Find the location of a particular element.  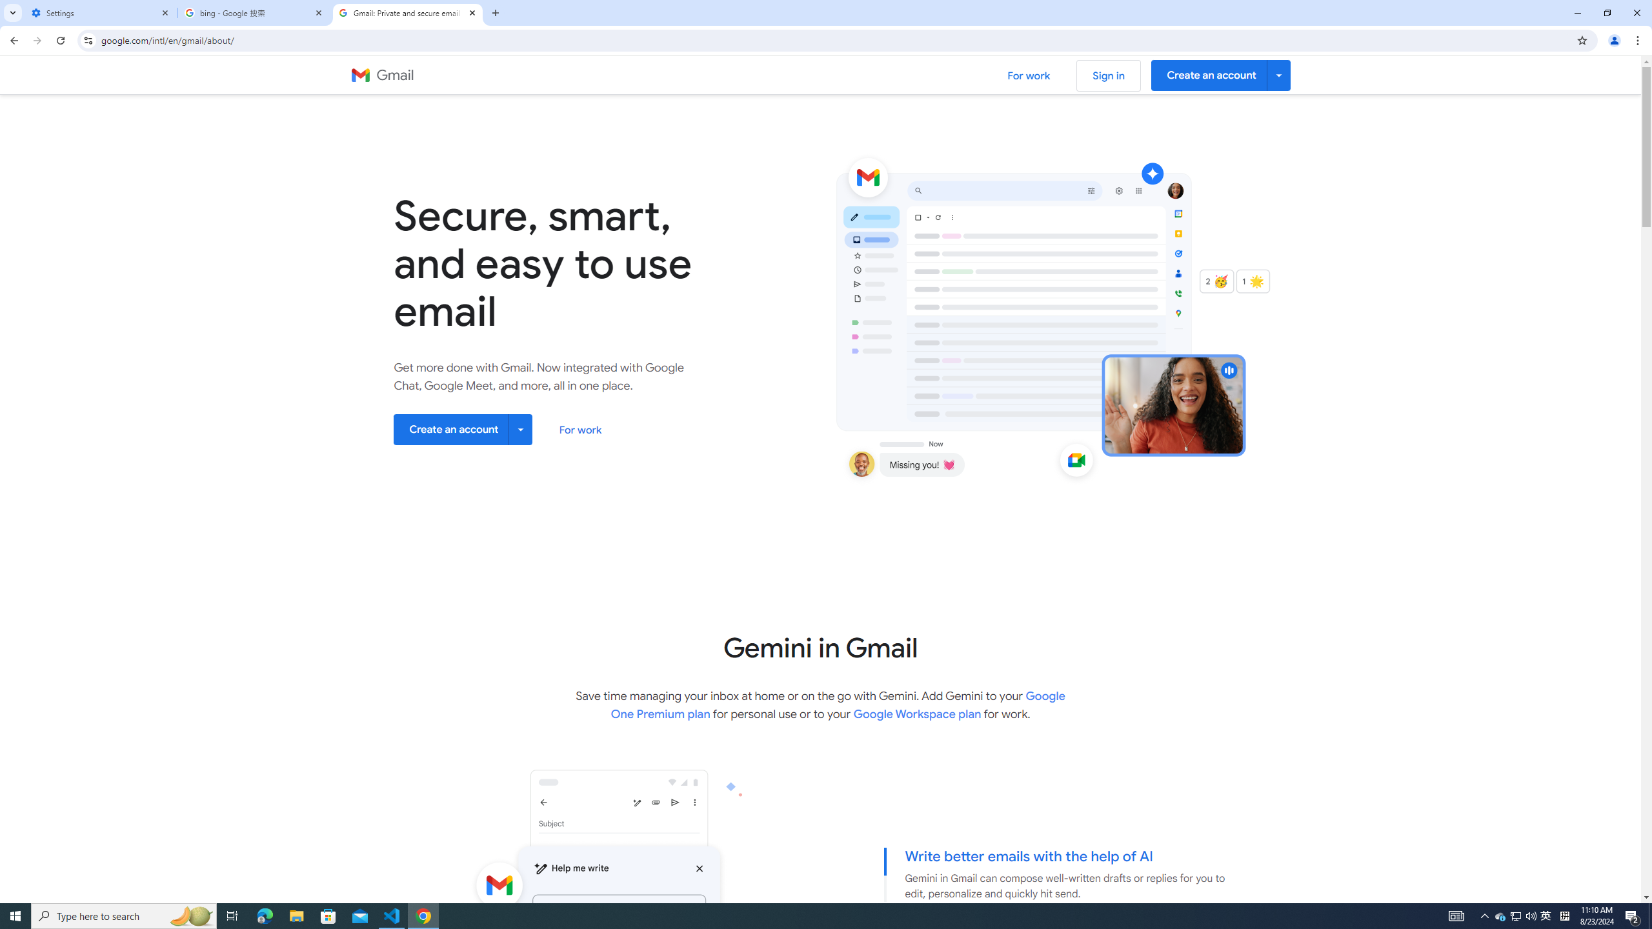

'Gmail' is located at coordinates (381, 75).